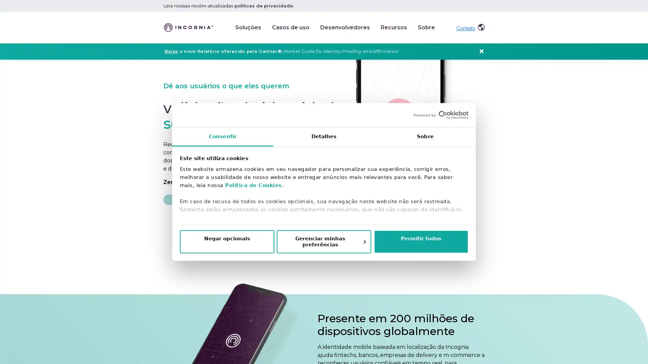 The image size is (648, 364). What do you see at coordinates (227, 241) in the screenshot?
I see `Negar opcionais` at bounding box center [227, 241].